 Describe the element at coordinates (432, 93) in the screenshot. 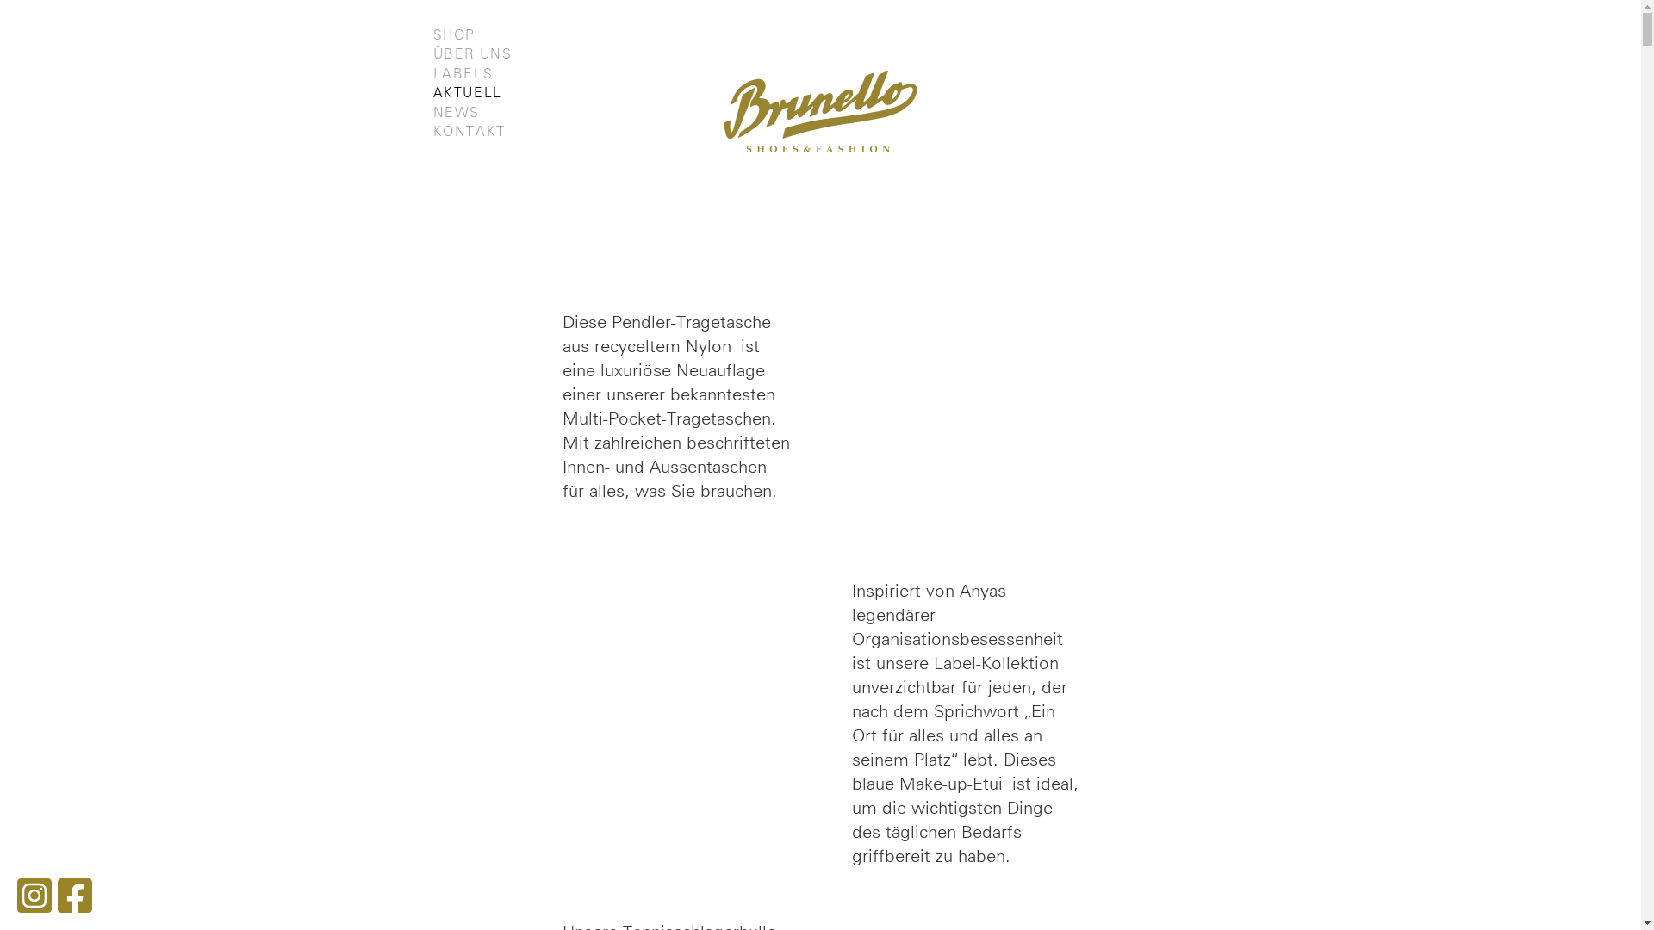

I see `'AKTUELL'` at that location.